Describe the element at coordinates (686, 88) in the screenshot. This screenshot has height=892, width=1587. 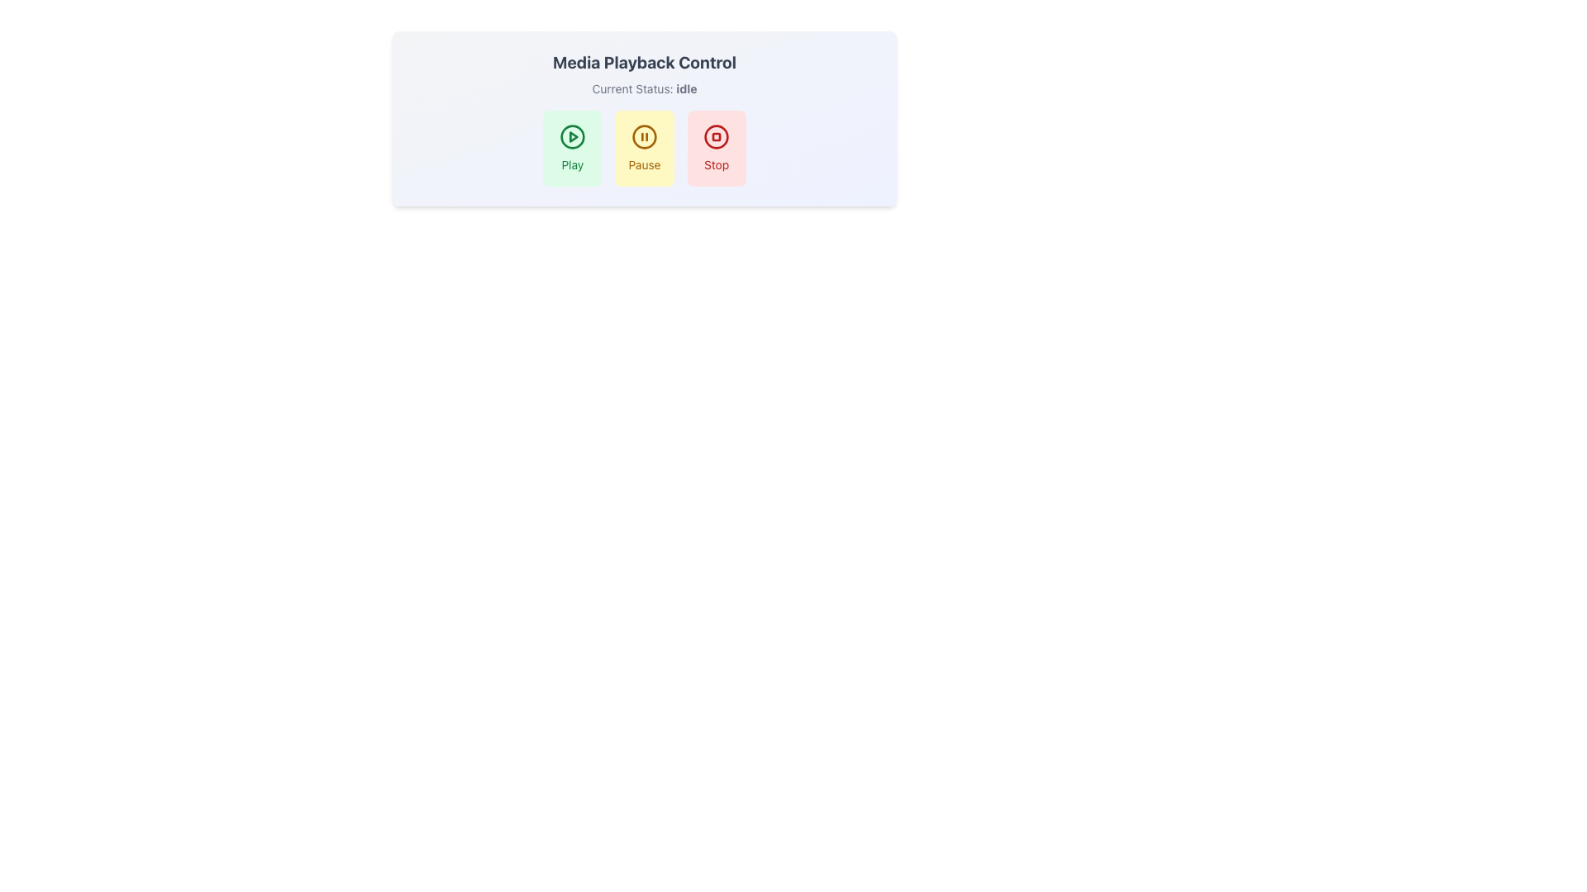
I see `the 'idle' label, which indicates the current status as 'idle' and is located to the right of 'Current Status:' in the Media Playback Control section` at that location.